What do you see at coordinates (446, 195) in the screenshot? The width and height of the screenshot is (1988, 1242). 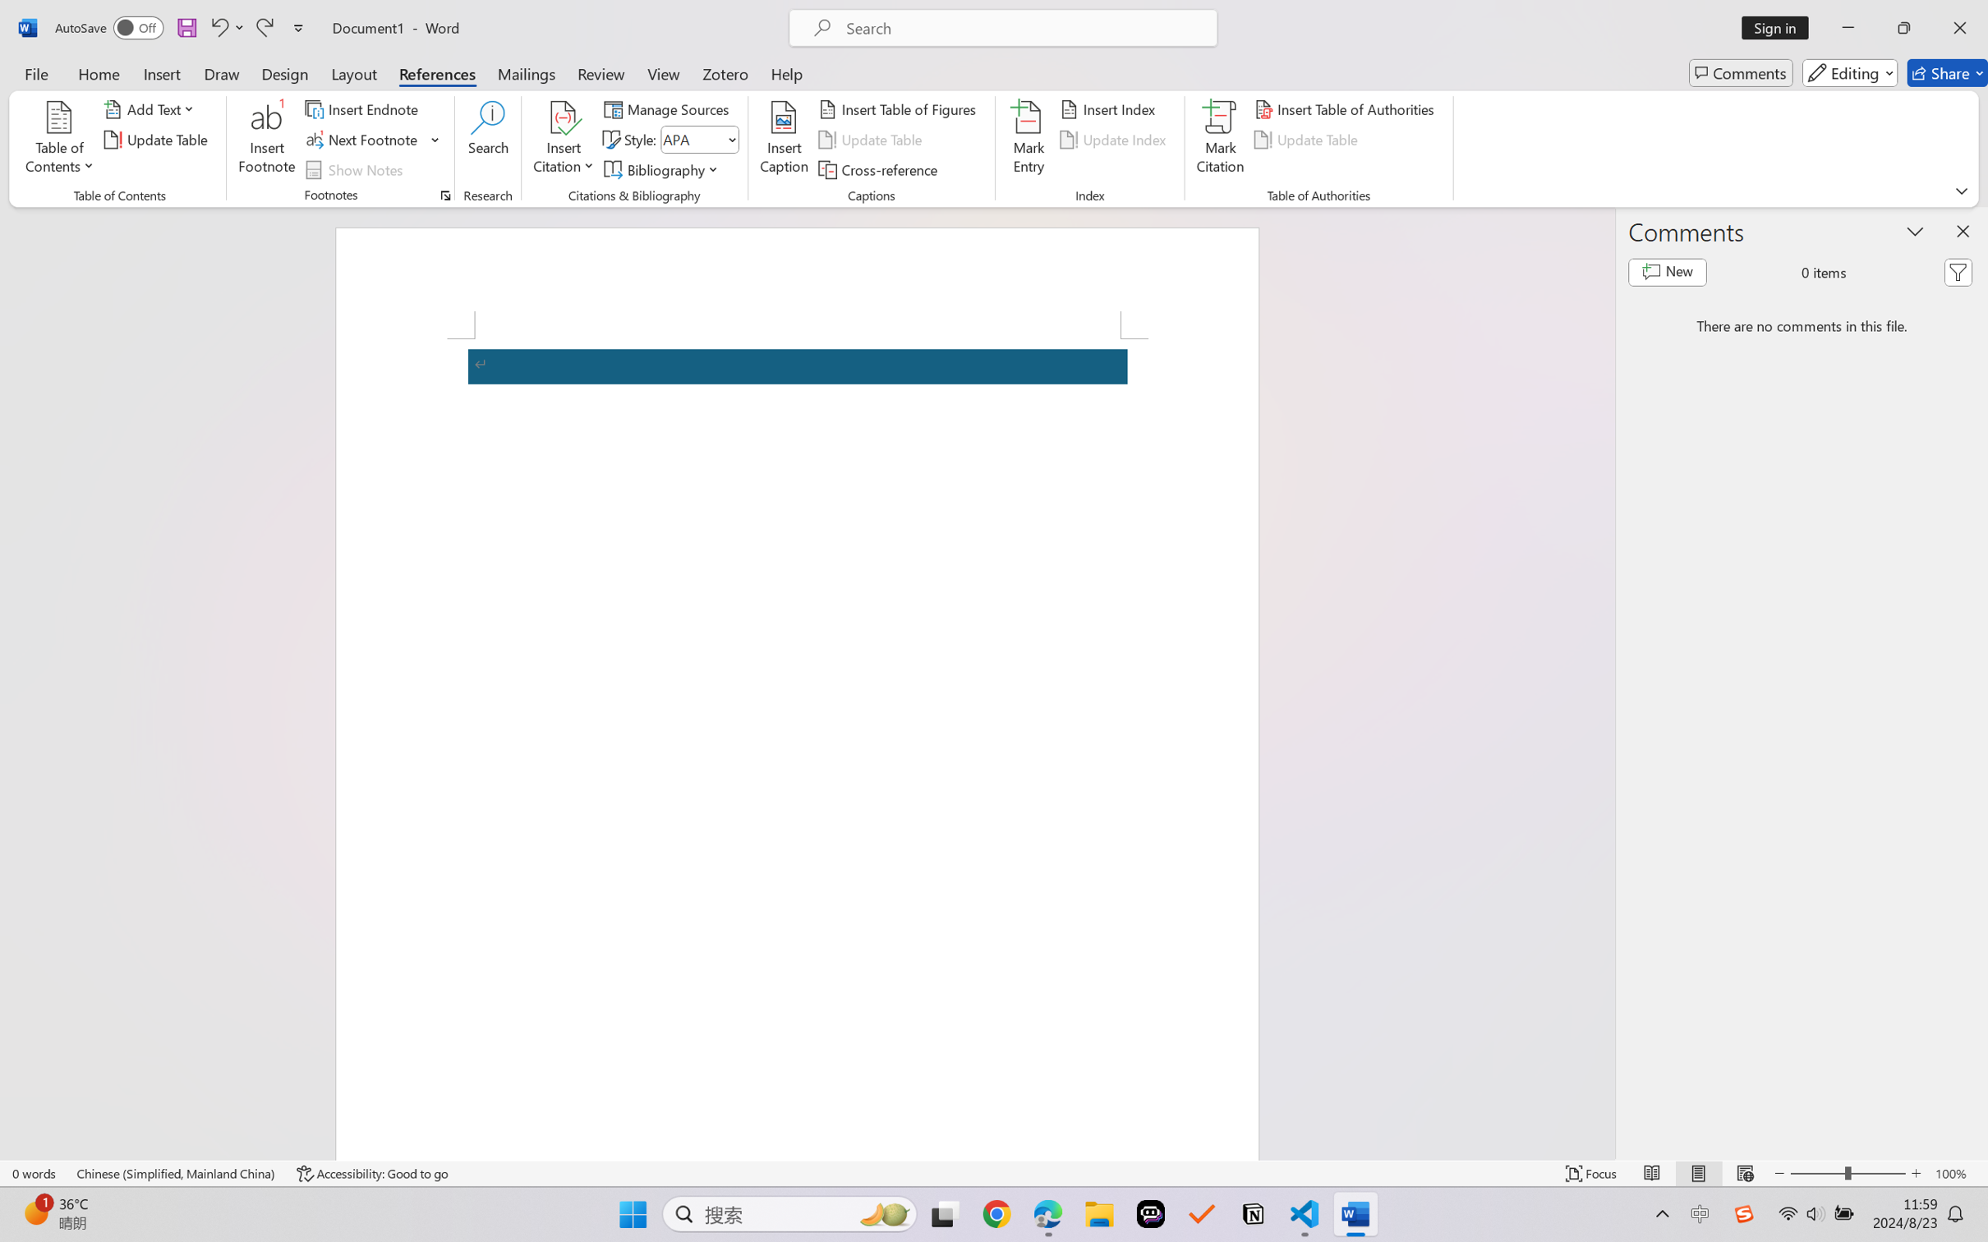 I see `'Footnote and Endnote Dialog...'` at bounding box center [446, 195].